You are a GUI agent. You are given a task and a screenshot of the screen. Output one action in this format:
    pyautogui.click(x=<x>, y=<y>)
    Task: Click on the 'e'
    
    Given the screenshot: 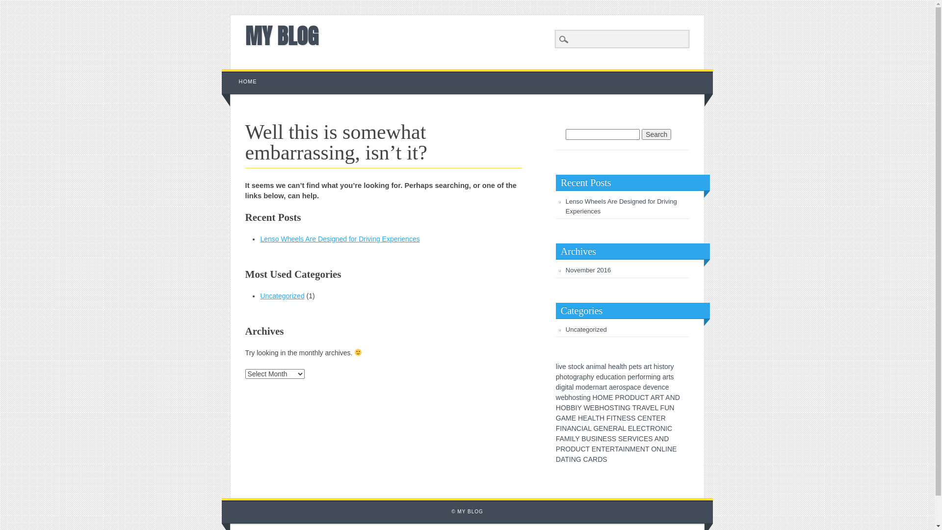 What is the action you would take?
    pyautogui.click(x=613, y=367)
    